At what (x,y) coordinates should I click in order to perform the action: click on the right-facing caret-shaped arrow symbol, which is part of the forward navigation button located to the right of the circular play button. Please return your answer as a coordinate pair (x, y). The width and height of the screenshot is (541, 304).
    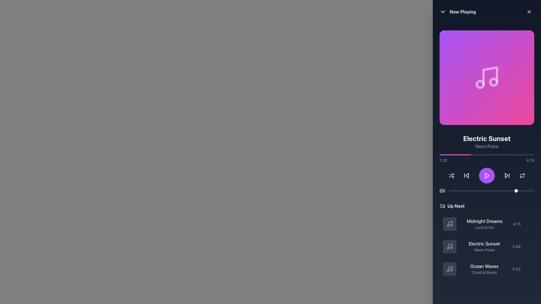
    Looking at the image, I should click on (507, 175).